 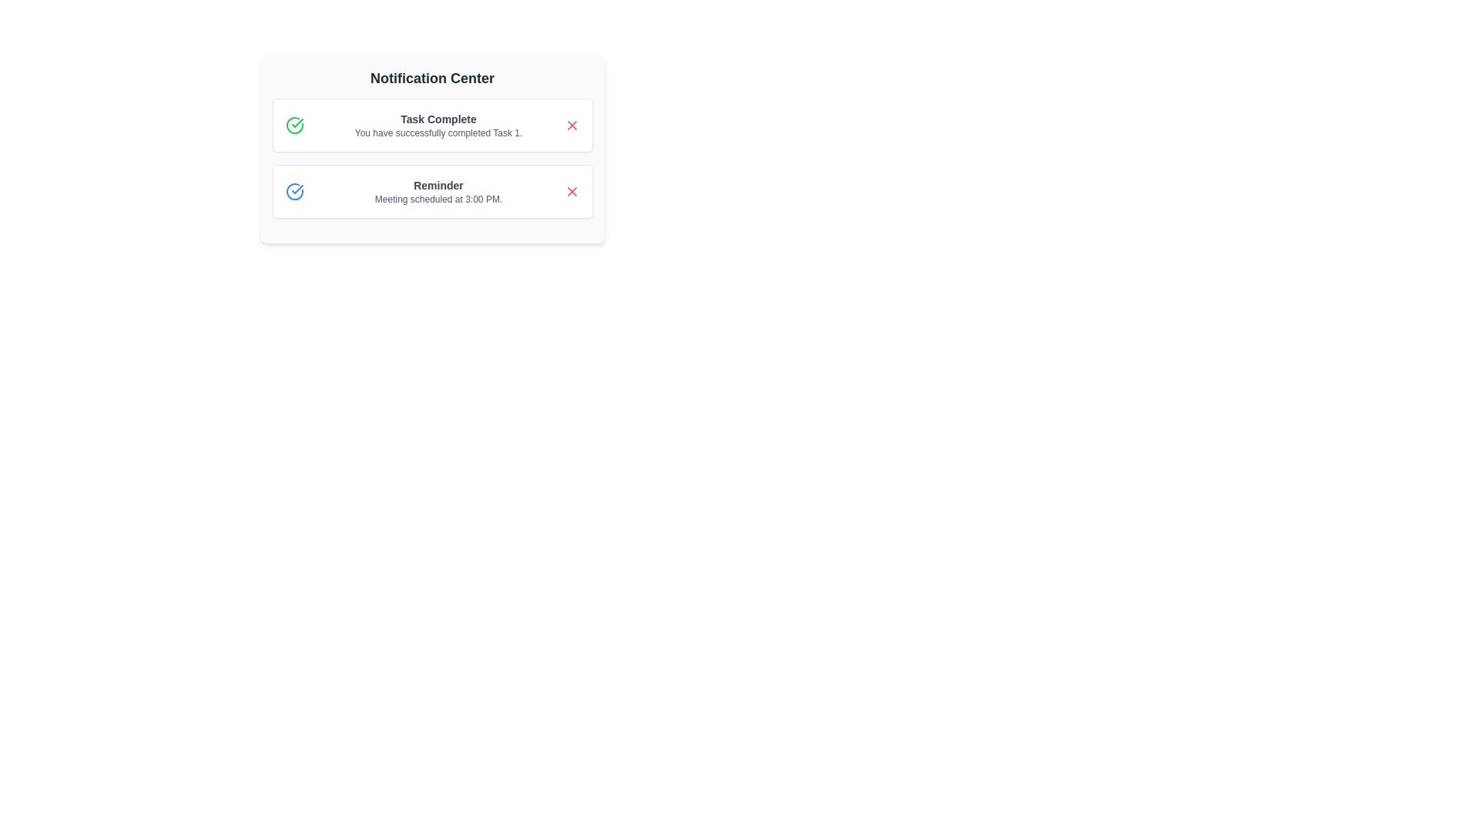 What do you see at coordinates (438, 184) in the screenshot?
I see `the heading text element located in the second notification card beneath the Notification Center header` at bounding box center [438, 184].